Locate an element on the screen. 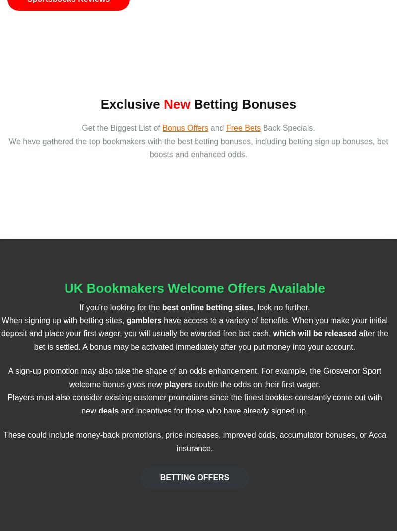 This screenshot has width=397, height=531. 'best online betting sites' is located at coordinates (207, 306).